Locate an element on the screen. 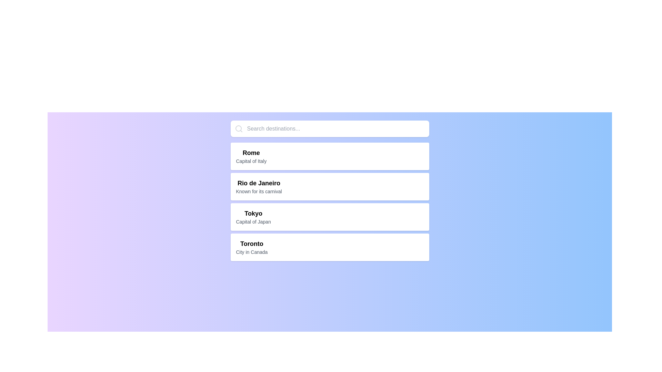  the informational card representing the city Toronto, which is the last item in a vertical list of cards including Rome, Rio de Janeiro, and Tokyo is located at coordinates (329, 247).